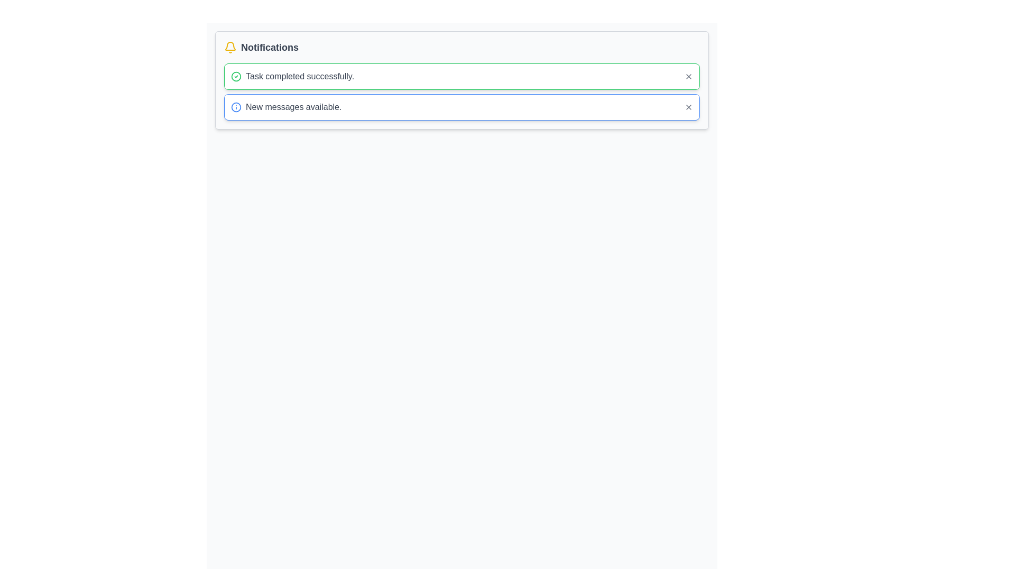 This screenshot has height=571, width=1015. I want to click on the interactive icon located at the far right of the notification box titled 'Task completed successfully', so click(688, 76).